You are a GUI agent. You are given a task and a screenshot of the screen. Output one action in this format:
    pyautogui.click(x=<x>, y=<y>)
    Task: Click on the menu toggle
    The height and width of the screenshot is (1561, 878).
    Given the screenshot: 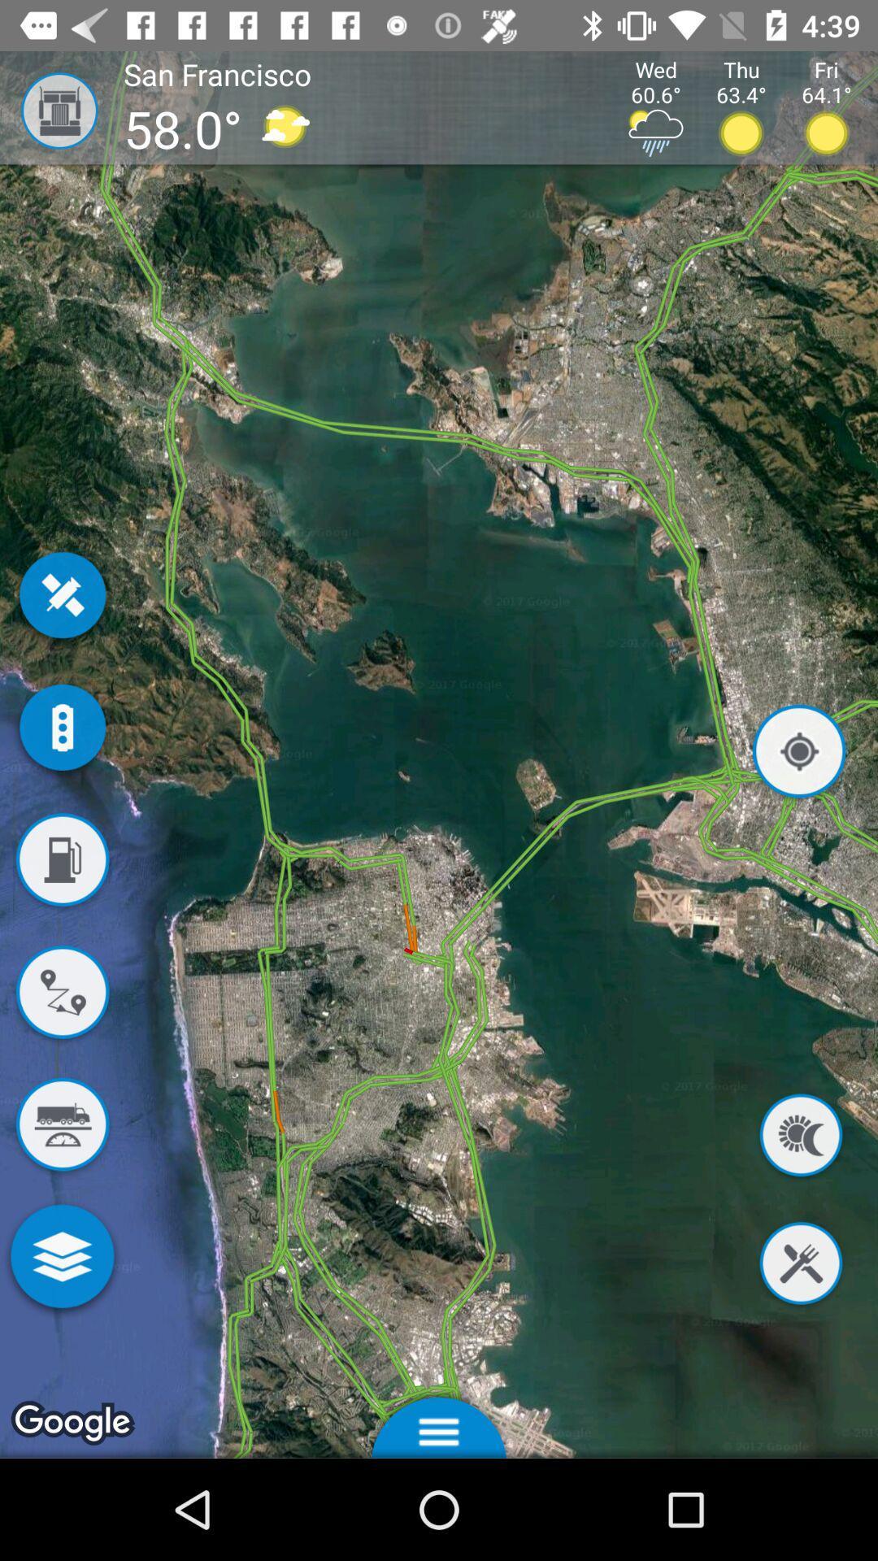 What is the action you would take?
    pyautogui.click(x=439, y=1422)
    